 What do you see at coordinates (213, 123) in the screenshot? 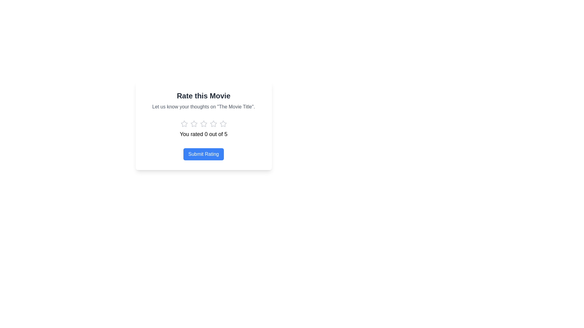
I see `the second star icon in the star rating component, which allows users to select a rating value` at bounding box center [213, 123].